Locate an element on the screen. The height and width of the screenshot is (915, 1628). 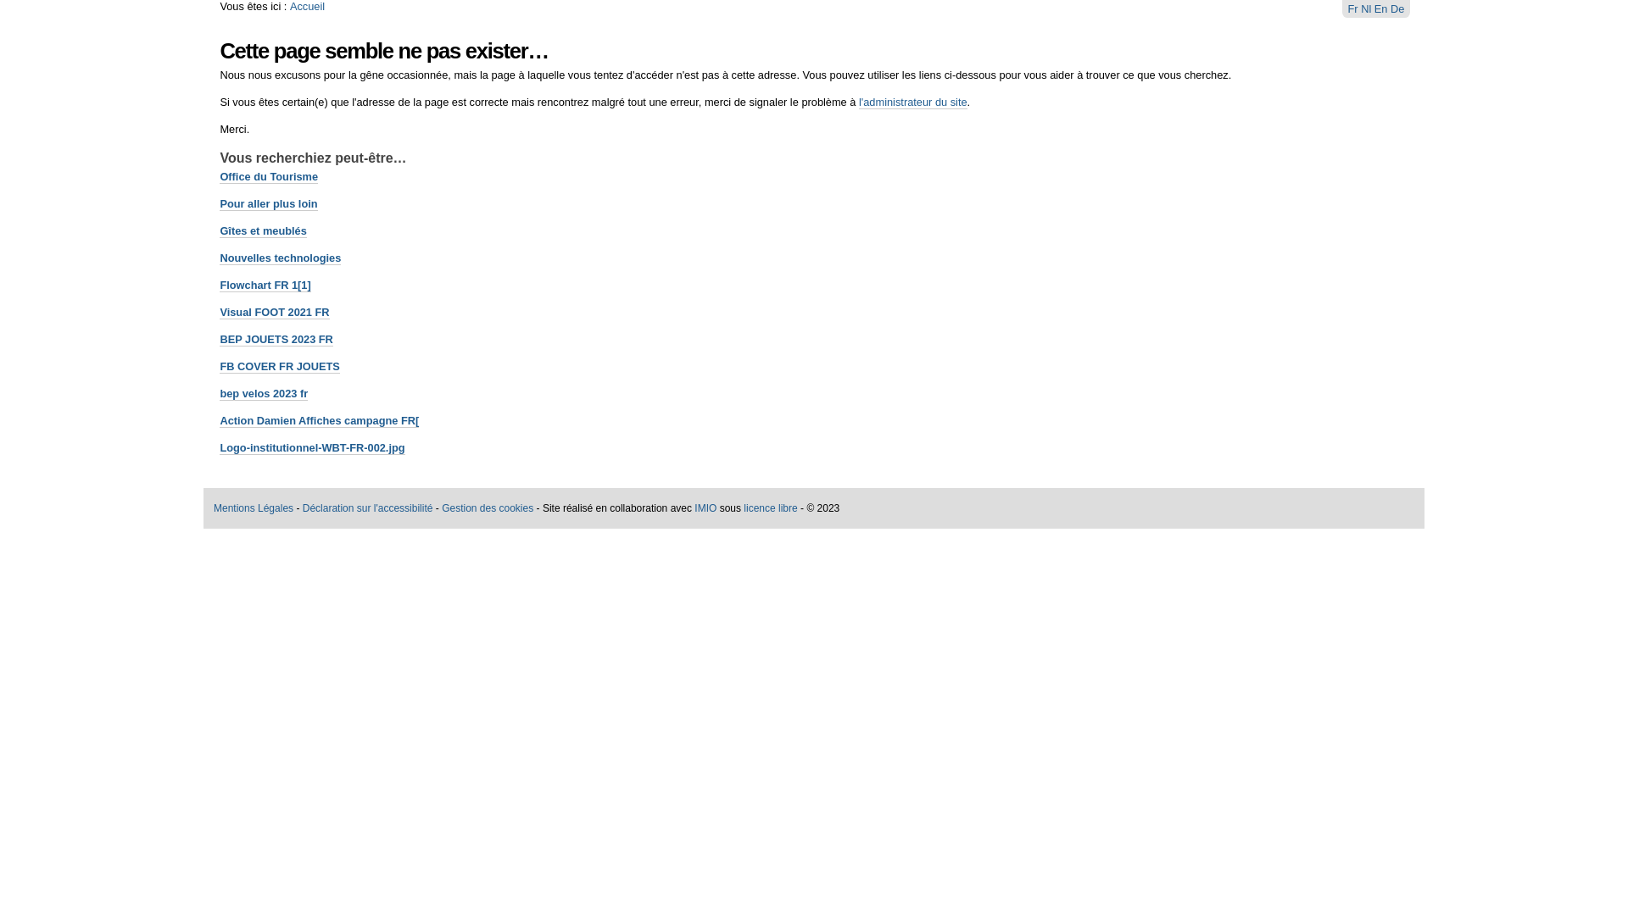
'Pour aller plus loin' is located at coordinates (219, 202).